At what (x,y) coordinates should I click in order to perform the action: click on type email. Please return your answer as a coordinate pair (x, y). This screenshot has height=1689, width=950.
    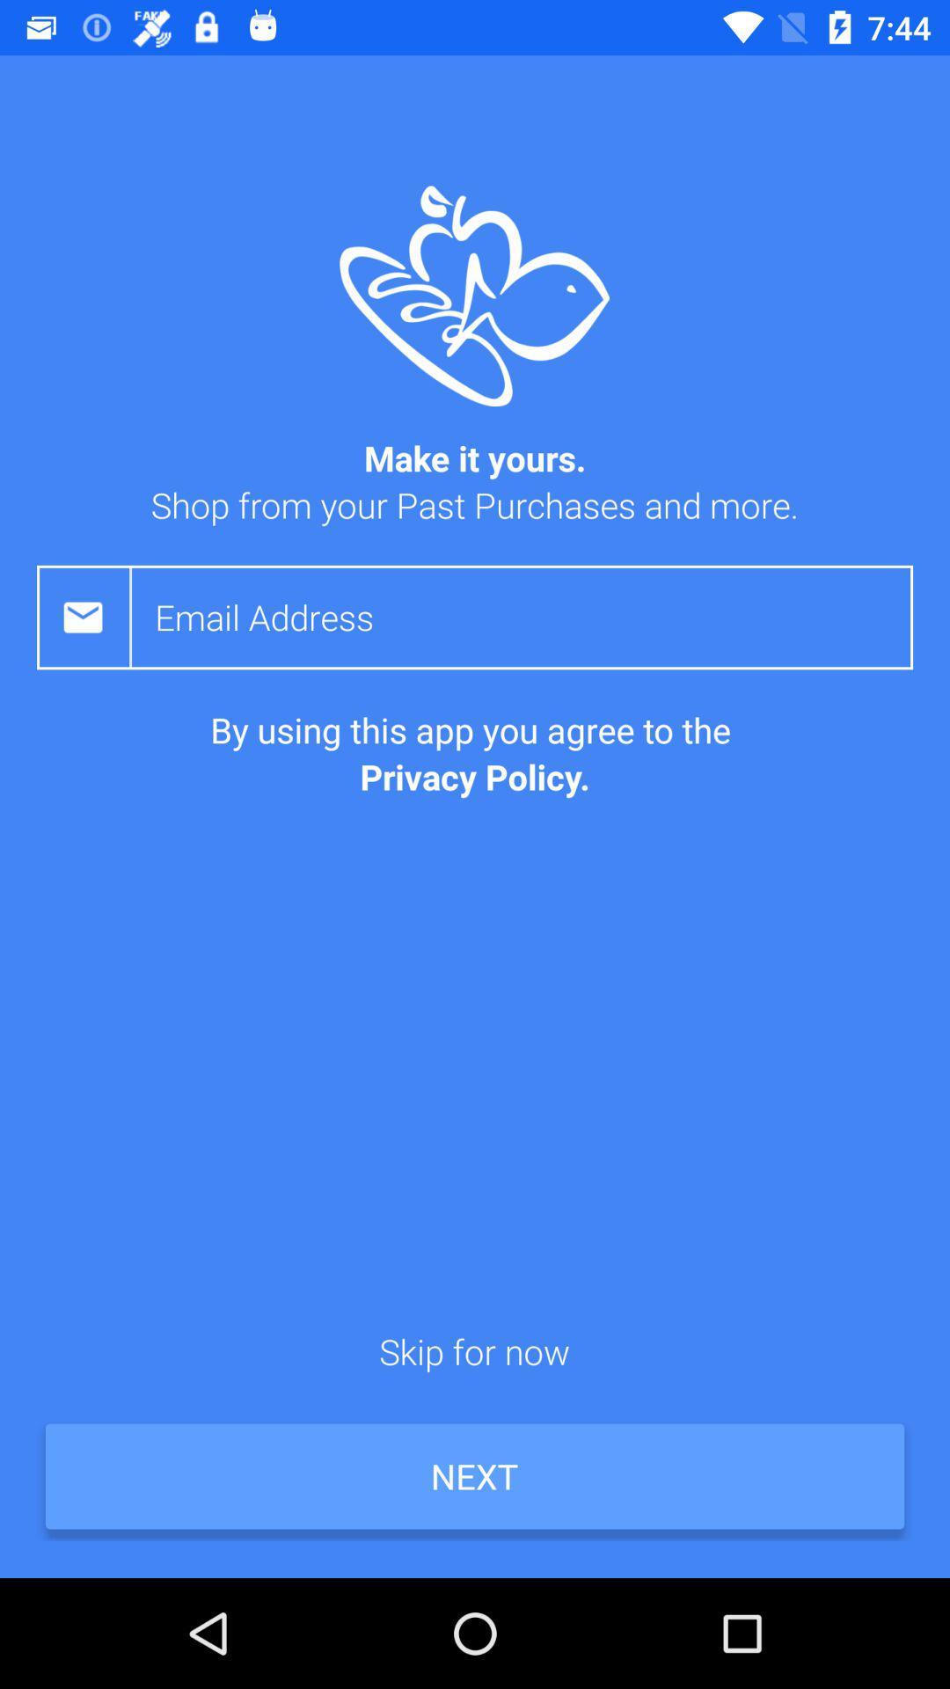
    Looking at the image, I should click on (533, 617).